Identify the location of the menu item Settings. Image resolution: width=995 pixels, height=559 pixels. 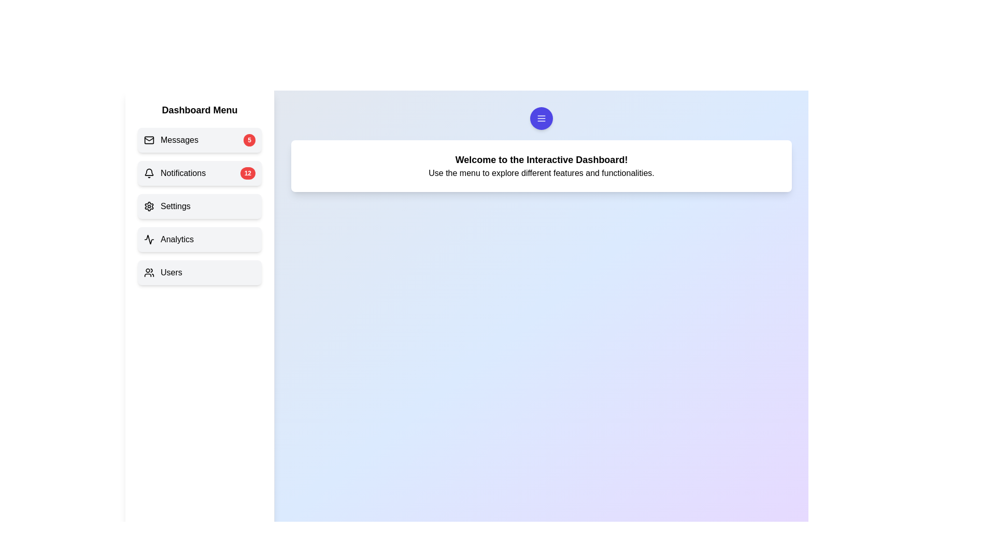
(200, 206).